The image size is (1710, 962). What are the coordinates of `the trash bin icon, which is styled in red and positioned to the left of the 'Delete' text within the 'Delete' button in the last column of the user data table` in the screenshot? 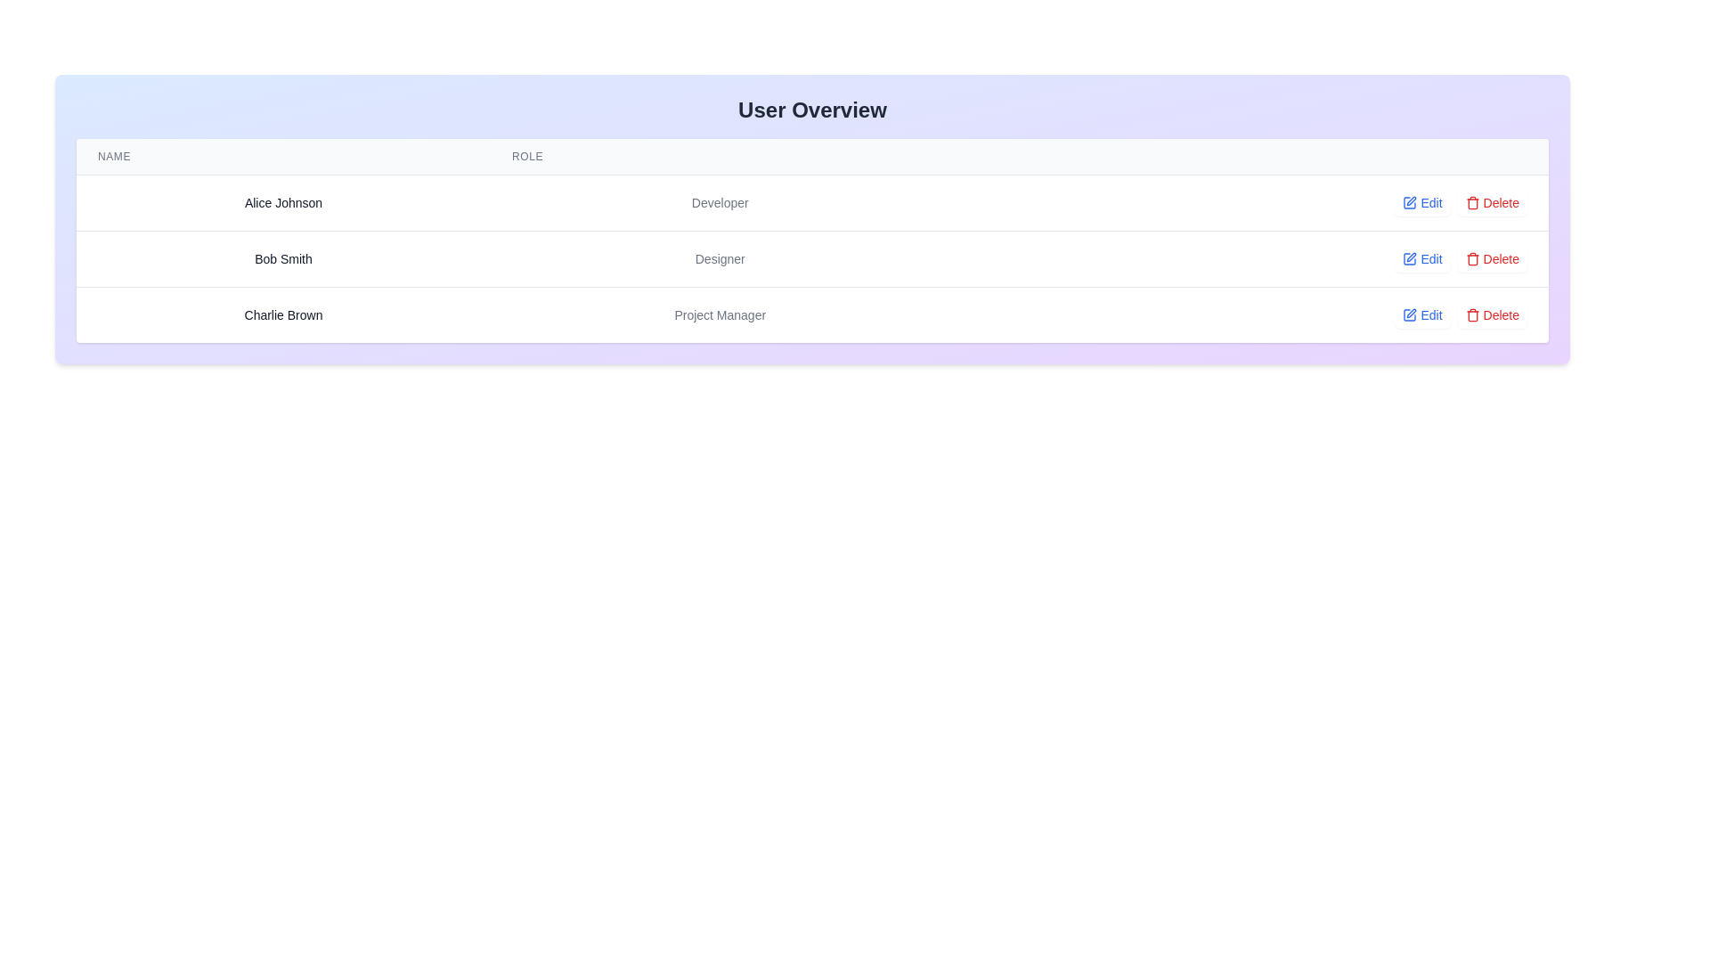 It's located at (1472, 201).